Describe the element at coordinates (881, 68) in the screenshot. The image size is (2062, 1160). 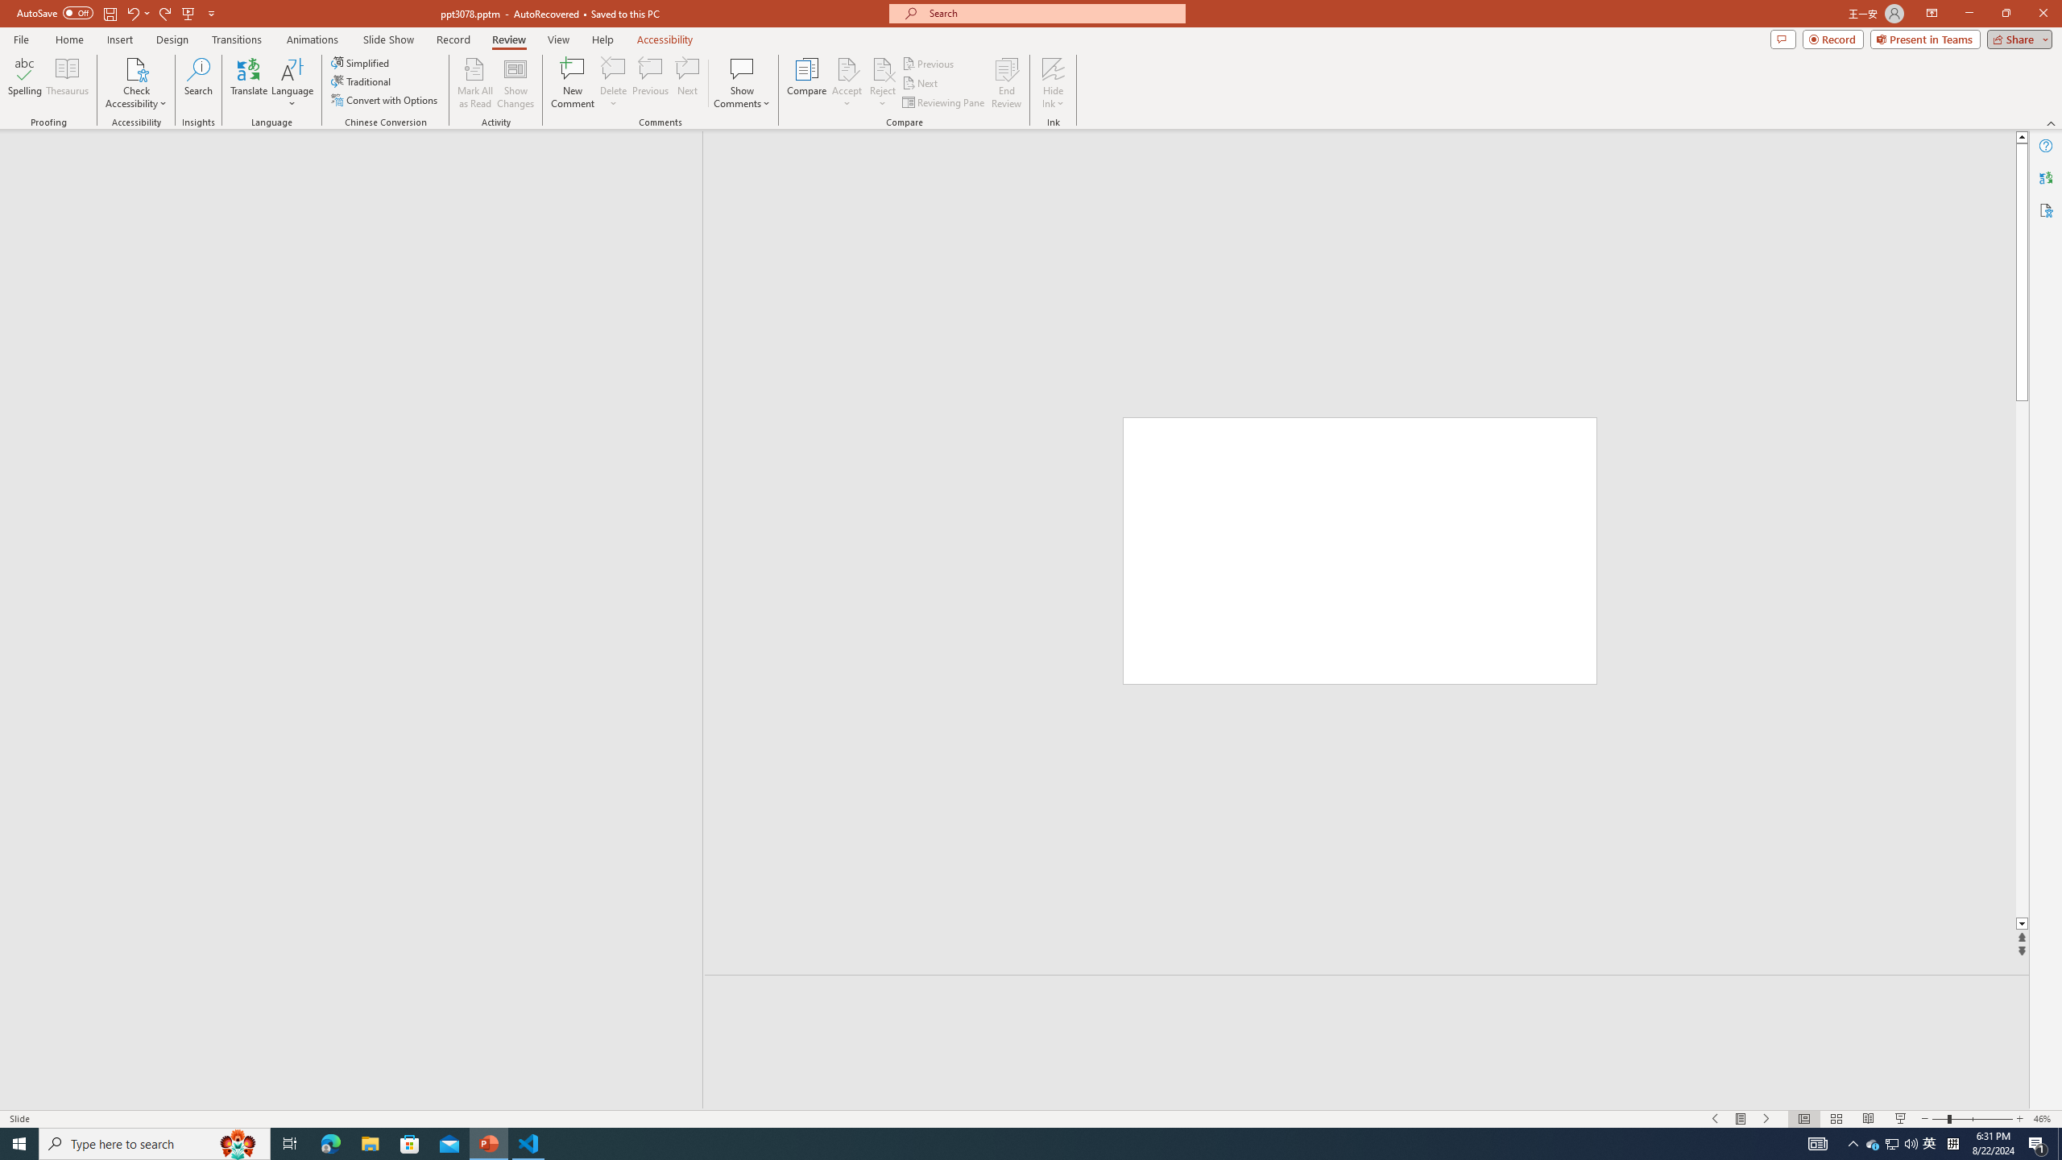
I see `'Reject Change'` at that location.